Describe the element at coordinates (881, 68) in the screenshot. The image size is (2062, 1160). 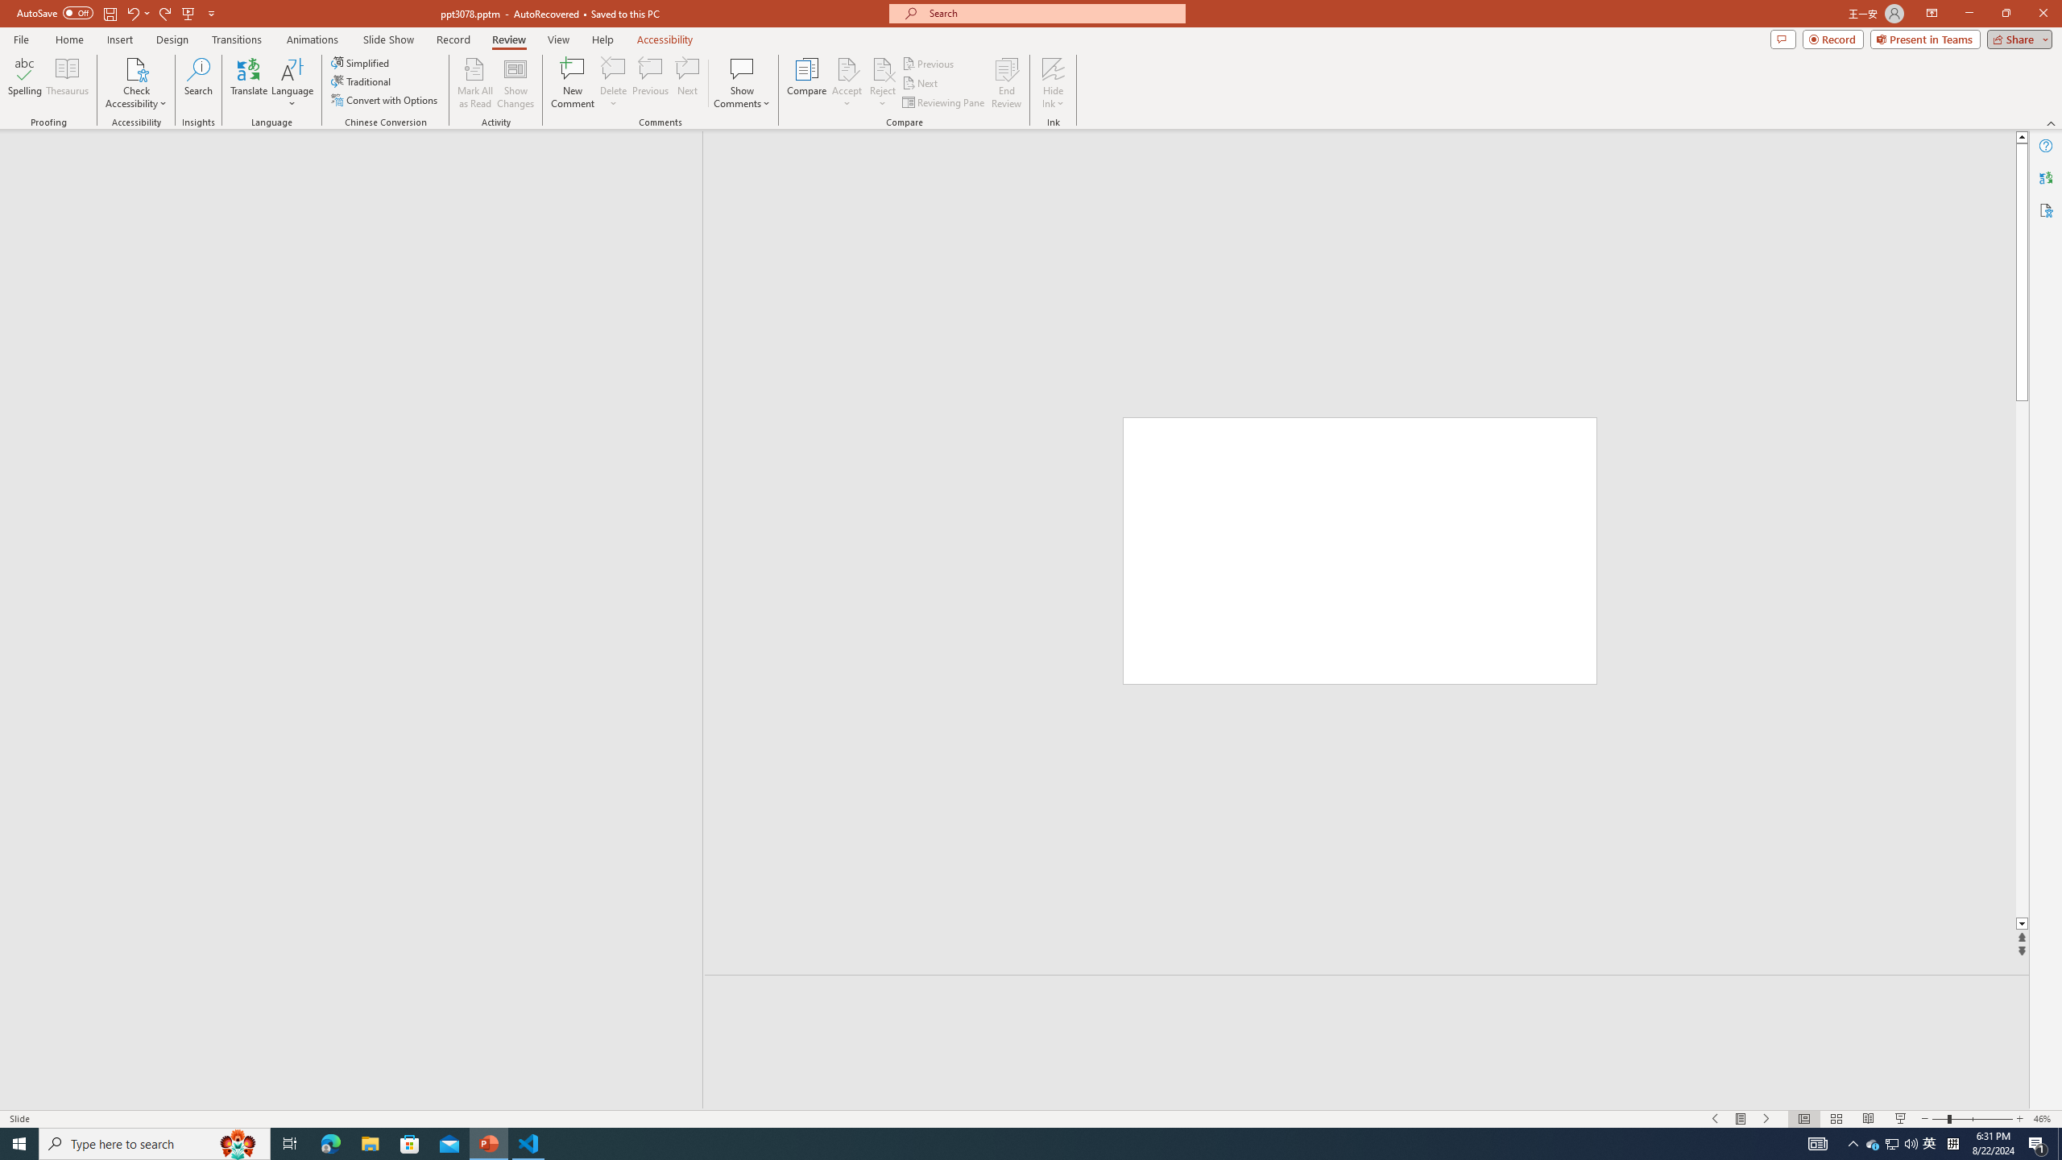
I see `'Reject Change'` at that location.